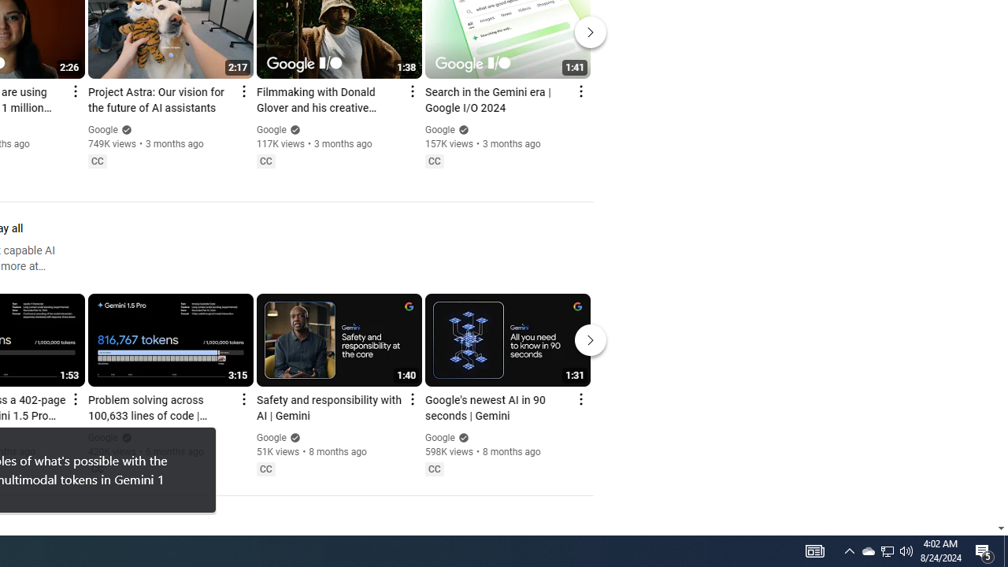 This screenshot has width=1008, height=567. What do you see at coordinates (580, 398) in the screenshot?
I see `'Action menu'` at bounding box center [580, 398].